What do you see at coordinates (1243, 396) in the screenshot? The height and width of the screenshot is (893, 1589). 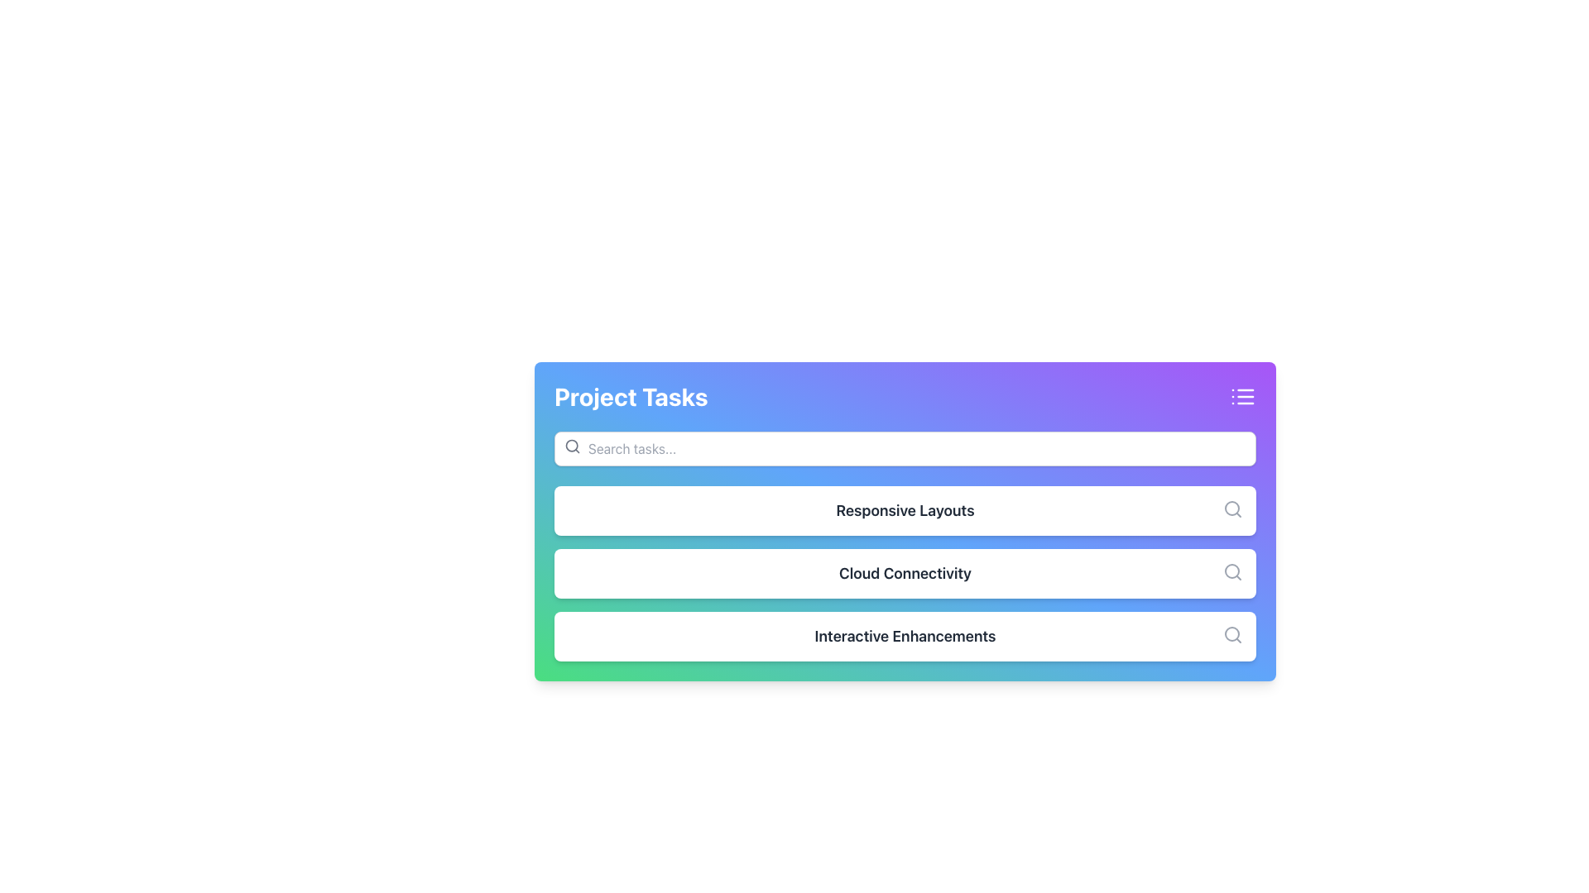 I see `the Icon Button located in the top-right corner of the 'Project Tasks' section` at bounding box center [1243, 396].